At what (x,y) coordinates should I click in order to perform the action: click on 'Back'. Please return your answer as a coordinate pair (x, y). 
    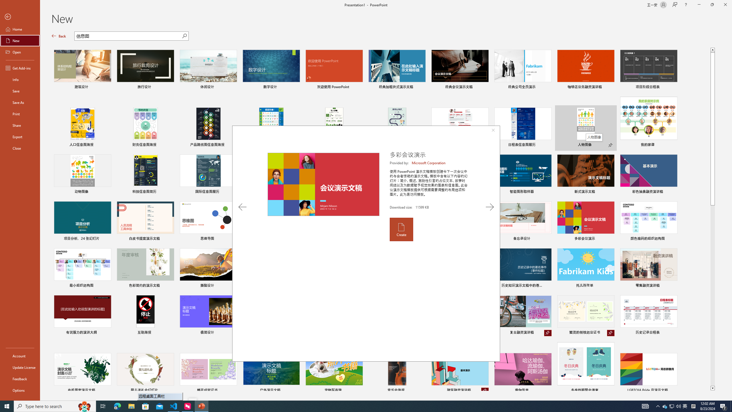
    Looking at the image, I should click on (59, 36).